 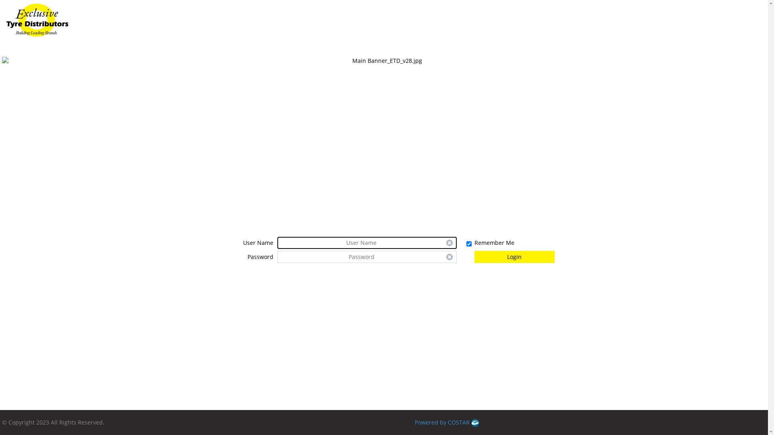 I want to click on 'Login', so click(x=474, y=257).